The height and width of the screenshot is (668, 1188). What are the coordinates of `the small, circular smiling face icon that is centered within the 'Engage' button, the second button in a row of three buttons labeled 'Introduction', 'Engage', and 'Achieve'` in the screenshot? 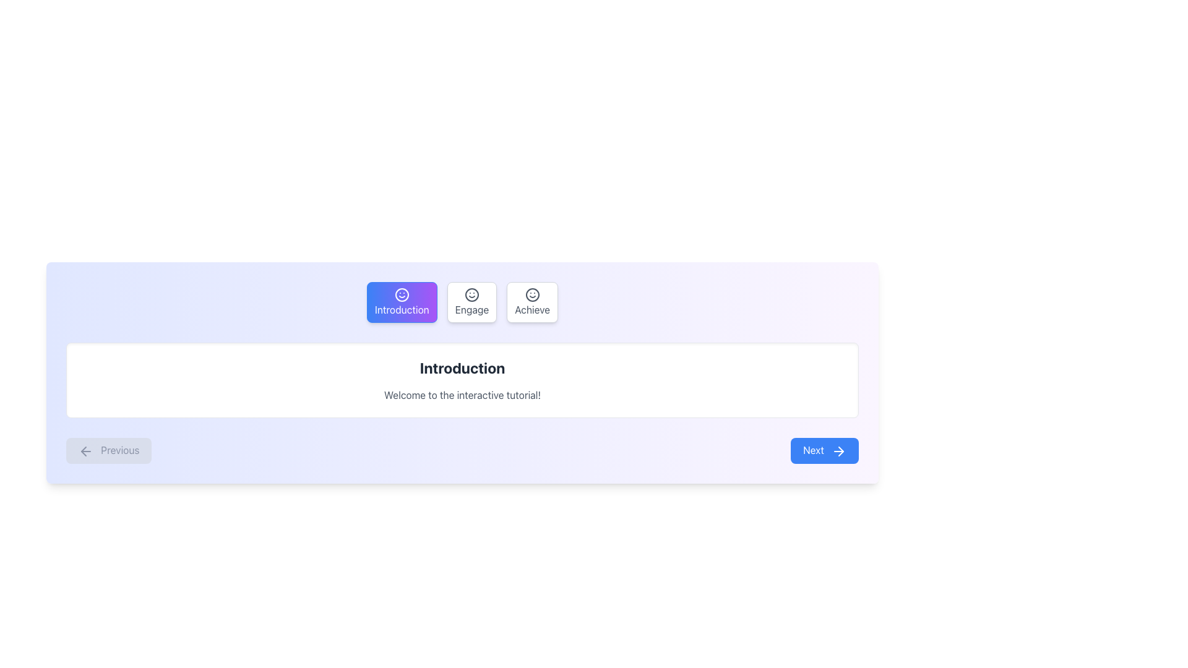 It's located at (471, 295).